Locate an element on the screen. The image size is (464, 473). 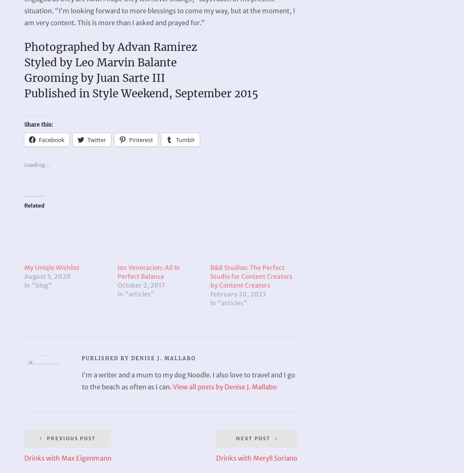
'Grooming by Juan Sarte III' is located at coordinates (94, 77).